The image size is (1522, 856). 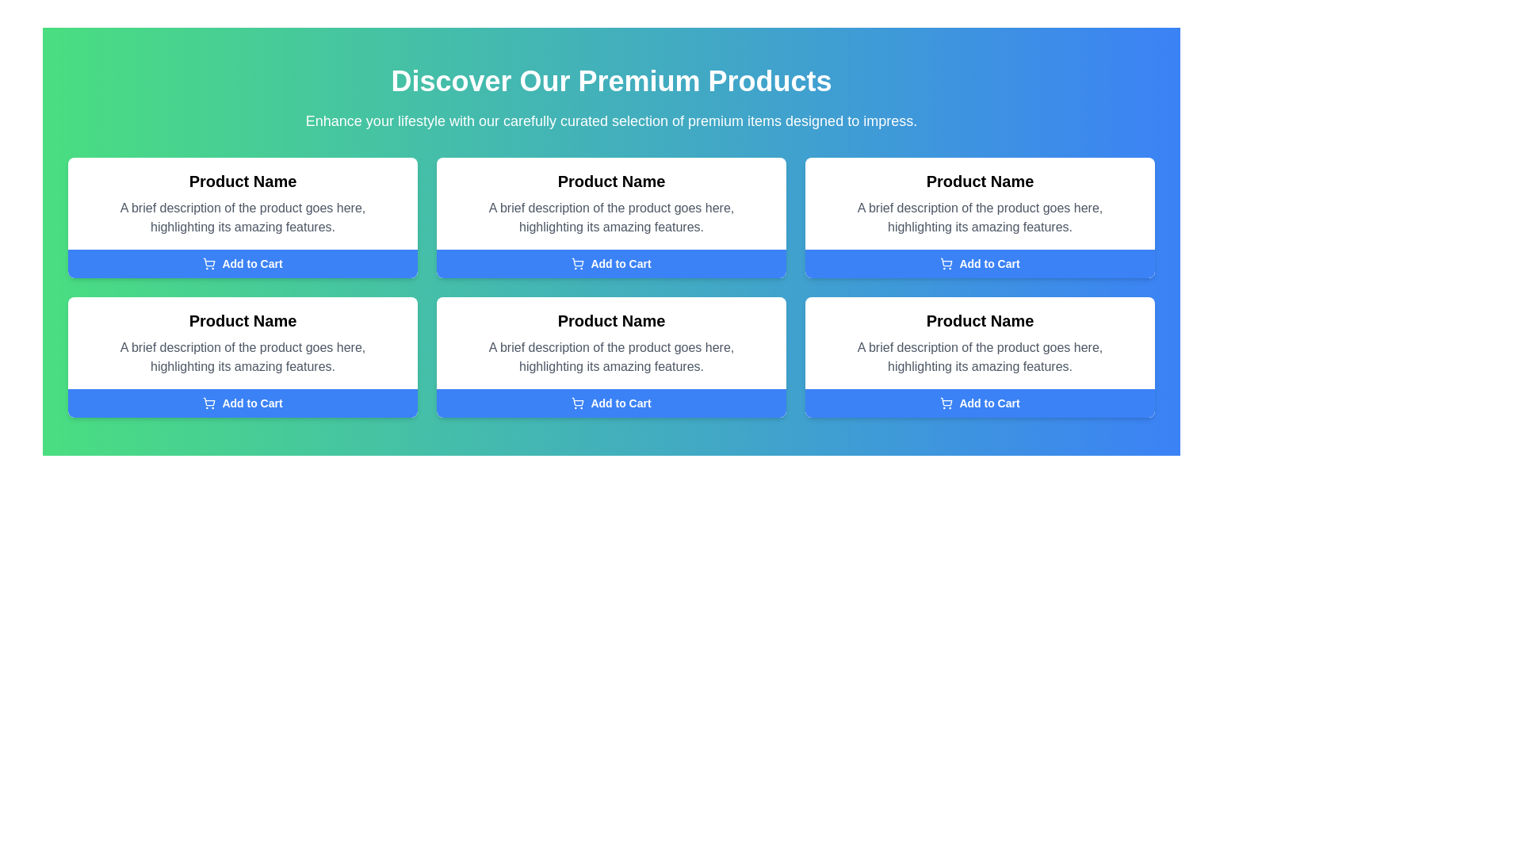 I want to click on the fourth 'Add to Cart' button, which has a bold blue background and white text, so click(x=979, y=403).